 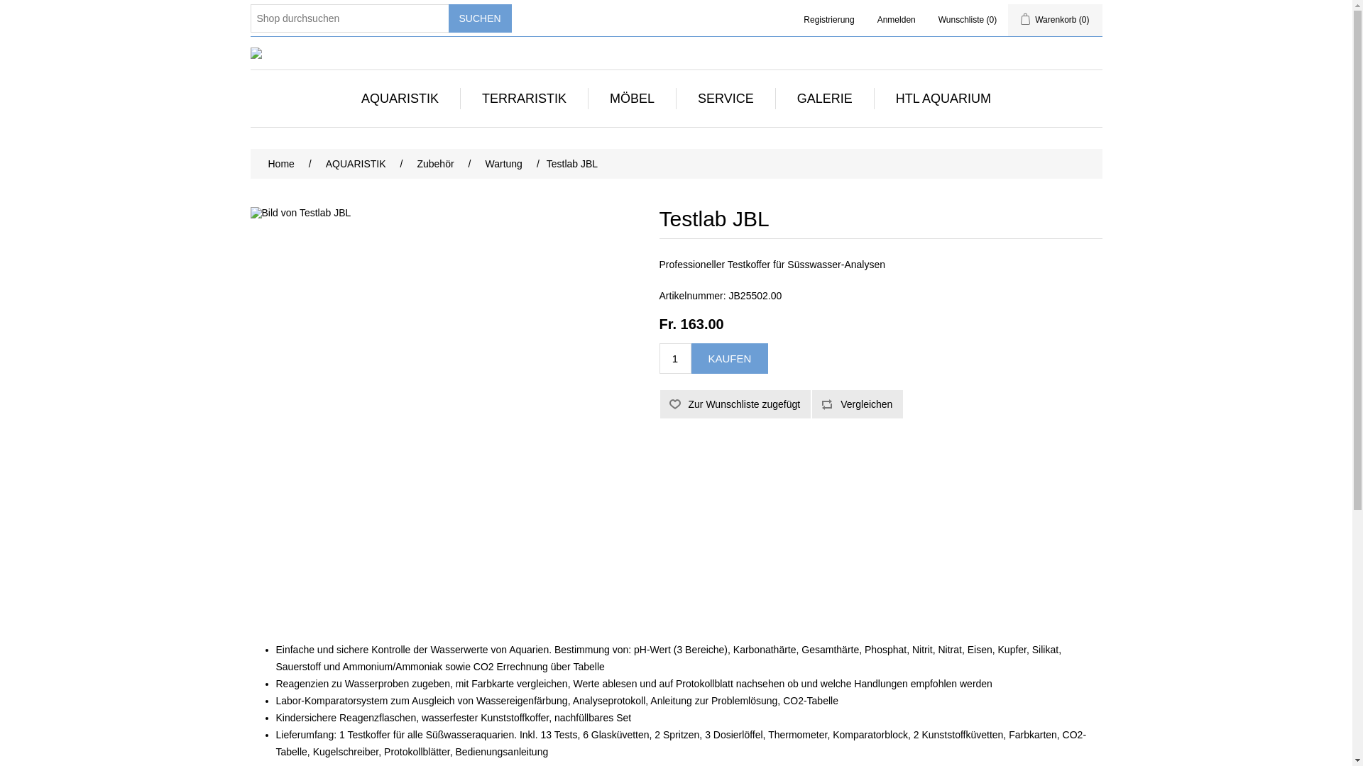 I want to click on 'GALERIE', so click(x=824, y=97).